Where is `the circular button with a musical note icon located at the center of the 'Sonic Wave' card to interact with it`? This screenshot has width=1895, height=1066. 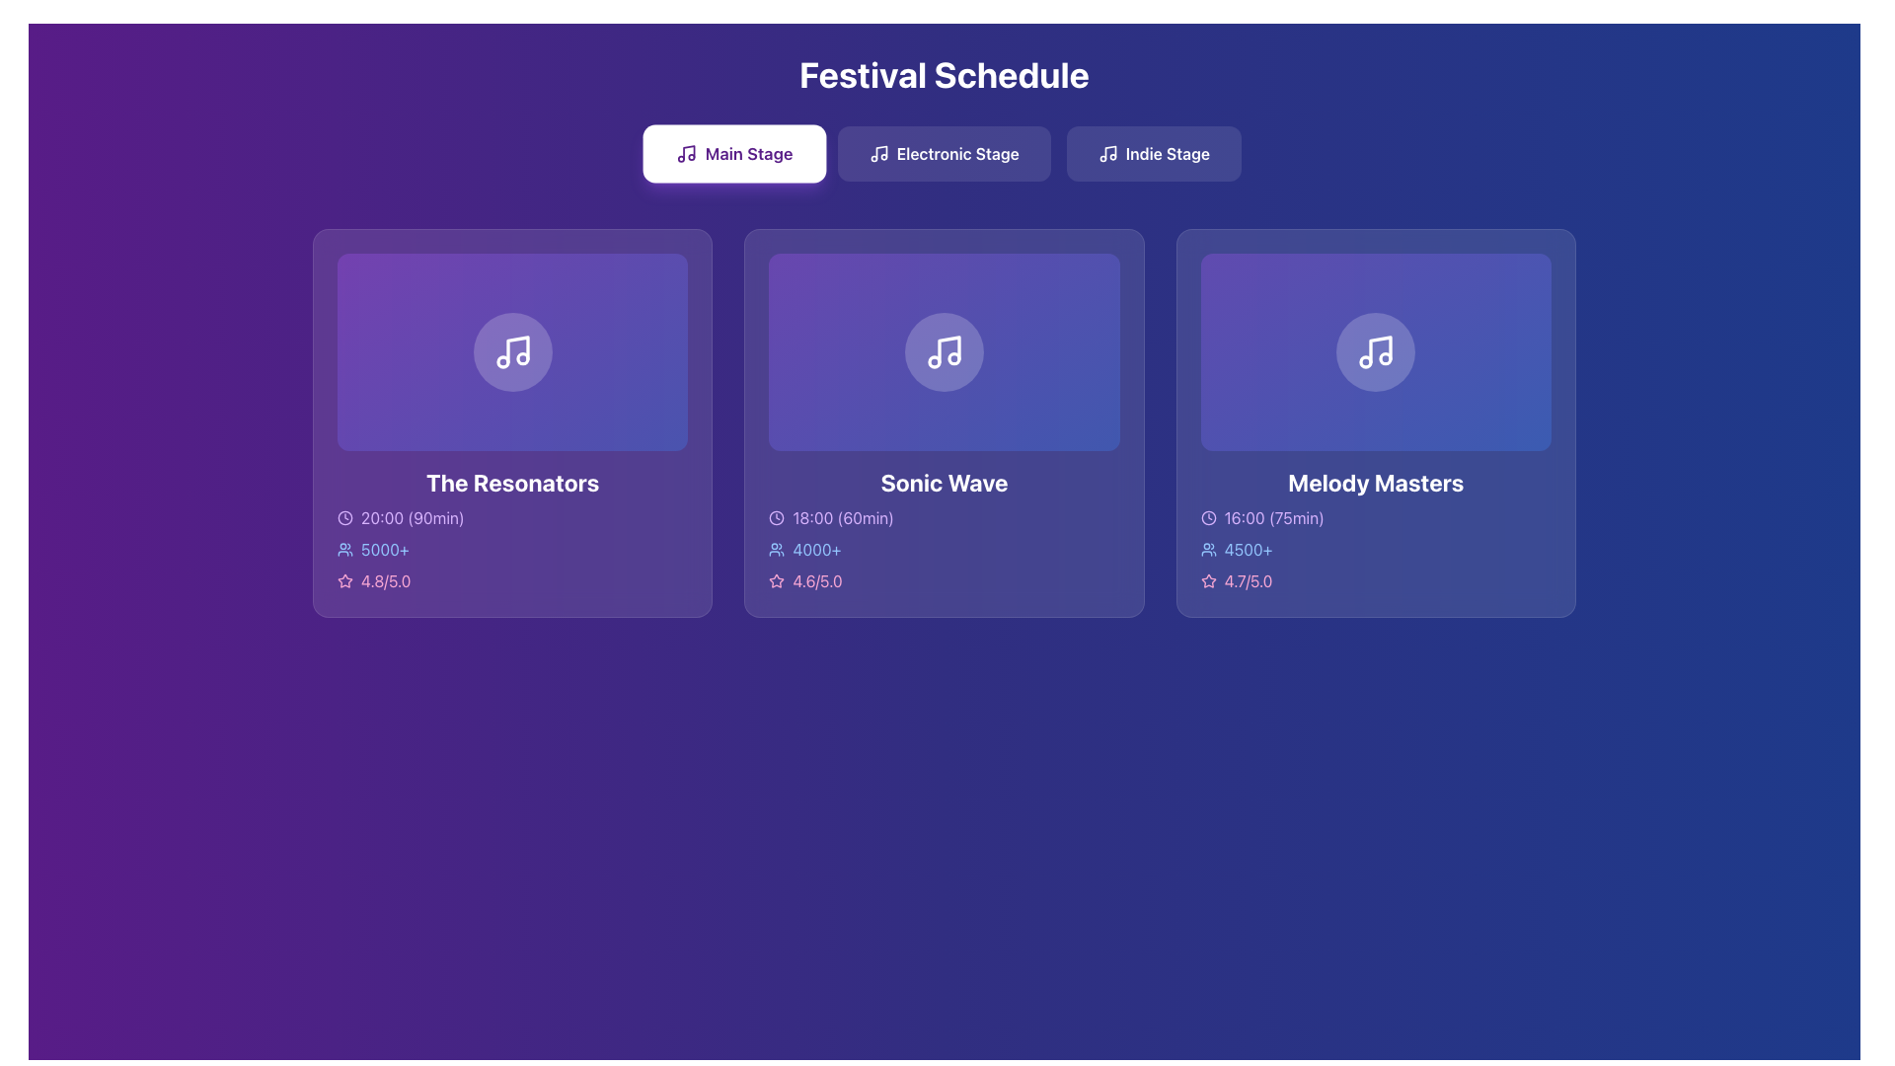 the circular button with a musical note icon located at the center of the 'Sonic Wave' card to interact with it is located at coordinates (943, 350).